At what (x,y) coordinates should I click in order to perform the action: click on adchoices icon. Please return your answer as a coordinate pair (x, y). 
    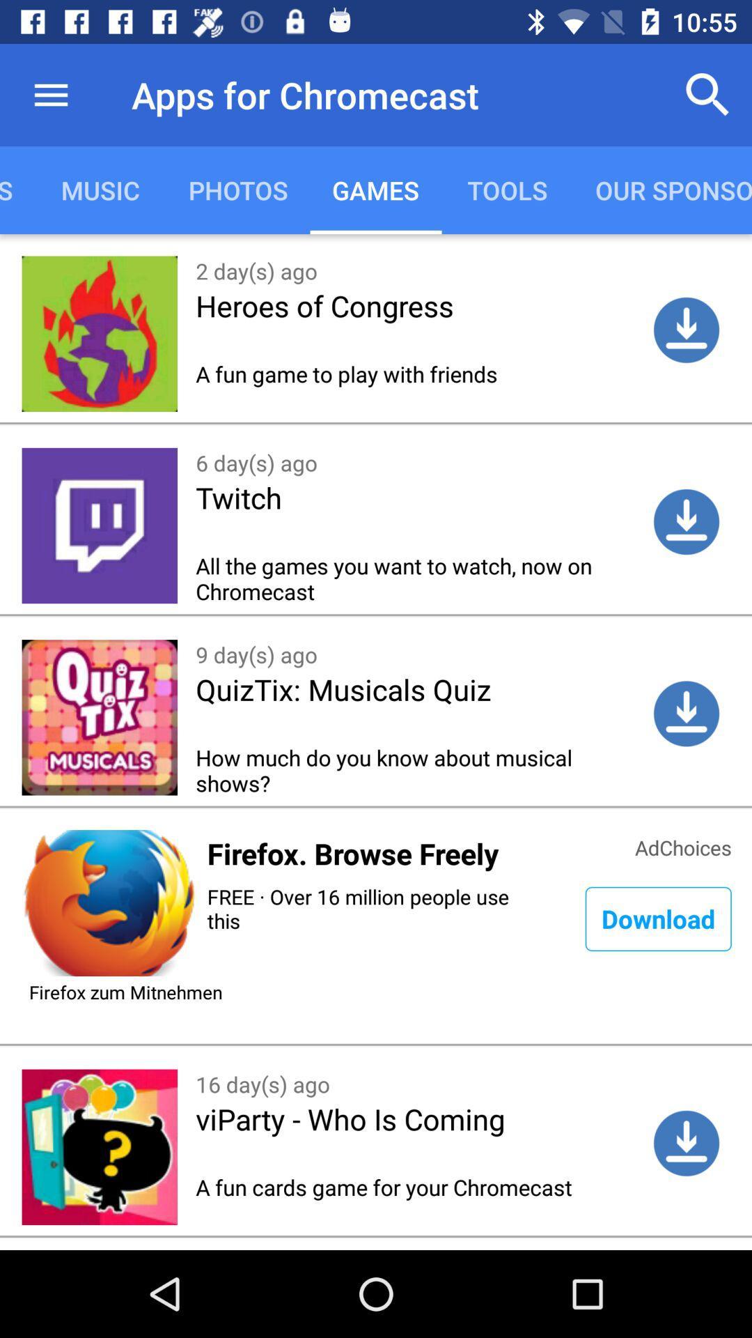
    Looking at the image, I should click on (682, 845).